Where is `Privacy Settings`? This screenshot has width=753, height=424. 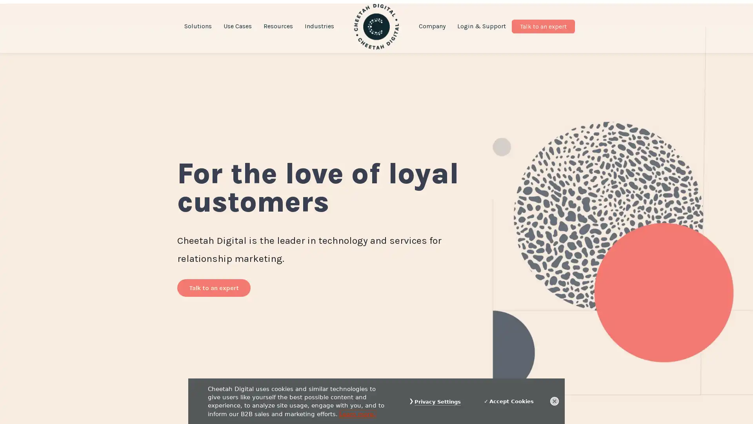
Privacy Settings is located at coordinates (437, 402).